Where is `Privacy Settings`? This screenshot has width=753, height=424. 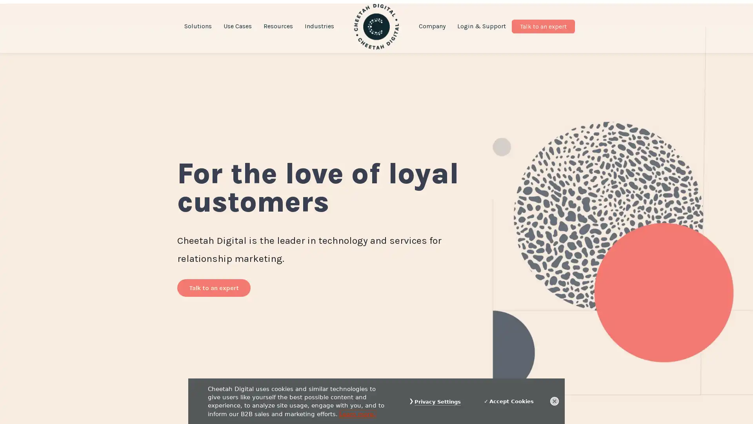
Privacy Settings is located at coordinates (437, 402).